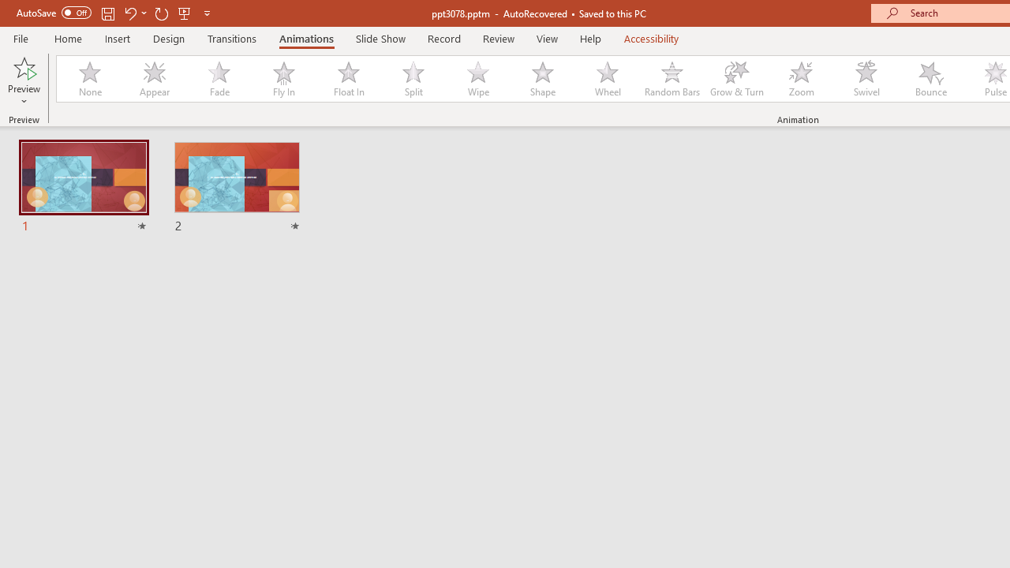 This screenshot has height=568, width=1010. What do you see at coordinates (652, 38) in the screenshot?
I see `'Accessibility'` at bounding box center [652, 38].